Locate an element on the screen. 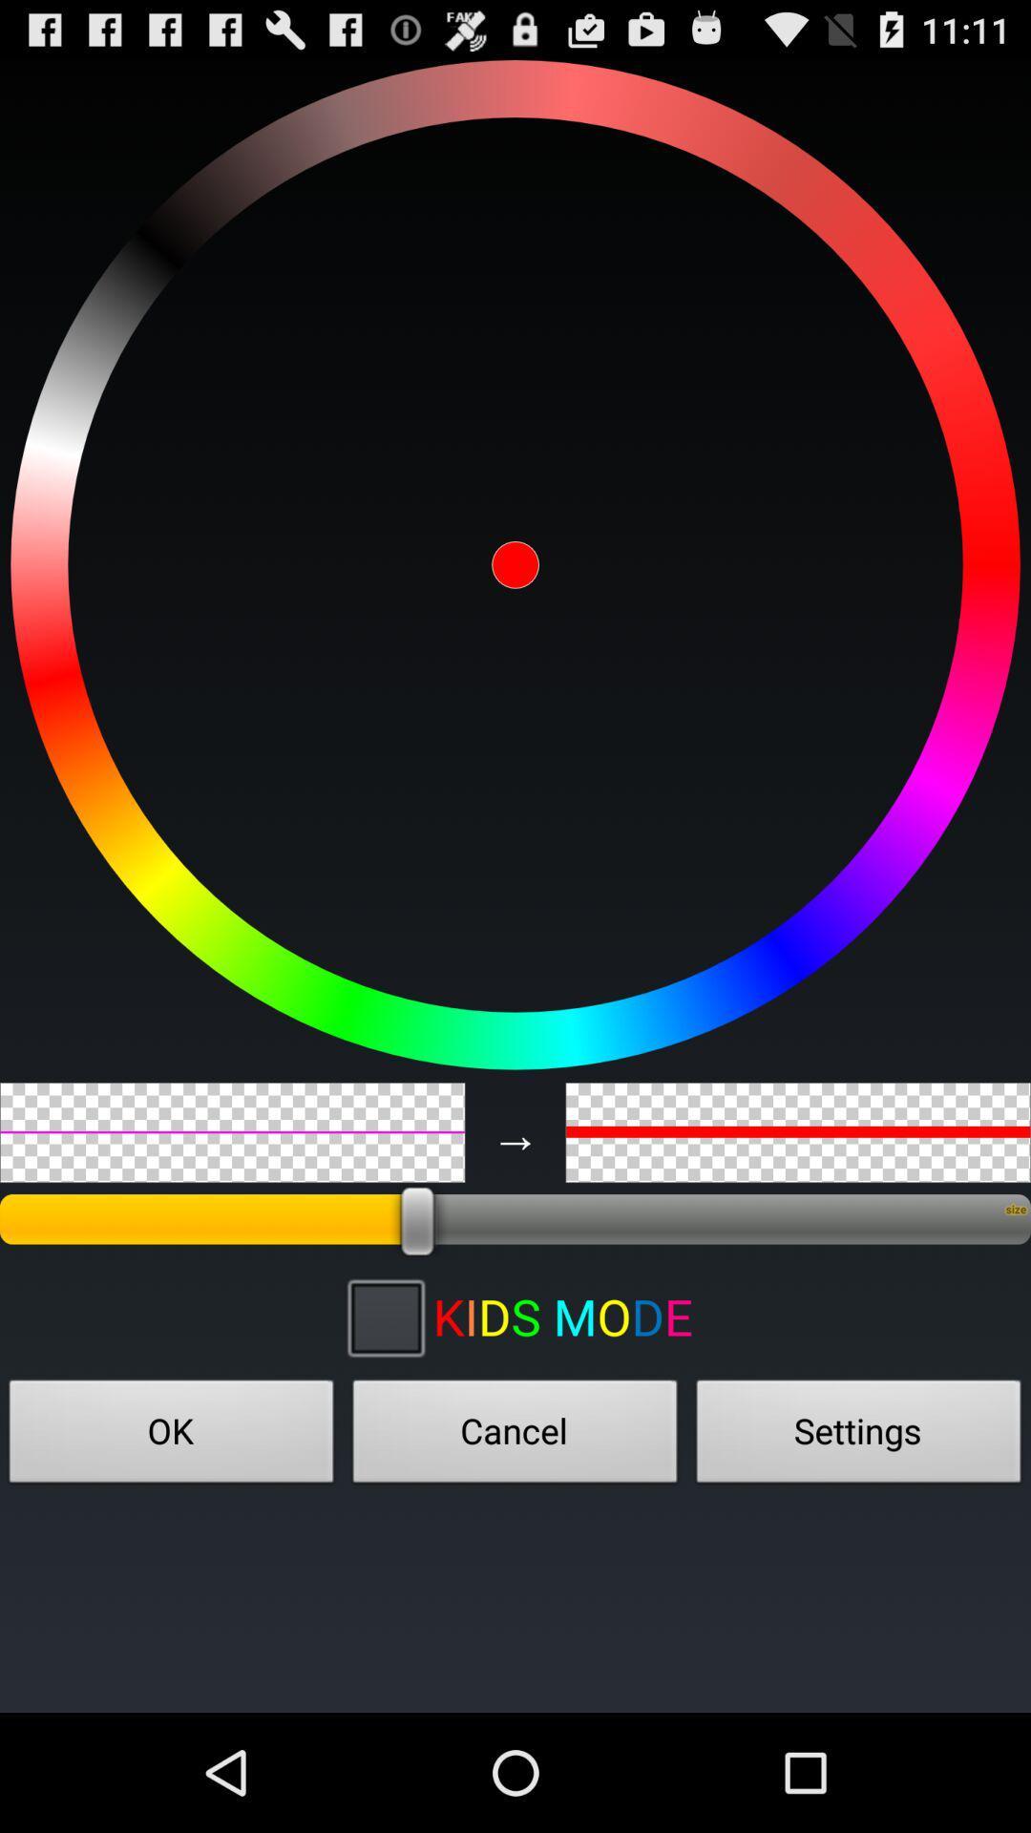 This screenshot has height=1833, width=1031. the item next to the settings is located at coordinates (515, 1437).